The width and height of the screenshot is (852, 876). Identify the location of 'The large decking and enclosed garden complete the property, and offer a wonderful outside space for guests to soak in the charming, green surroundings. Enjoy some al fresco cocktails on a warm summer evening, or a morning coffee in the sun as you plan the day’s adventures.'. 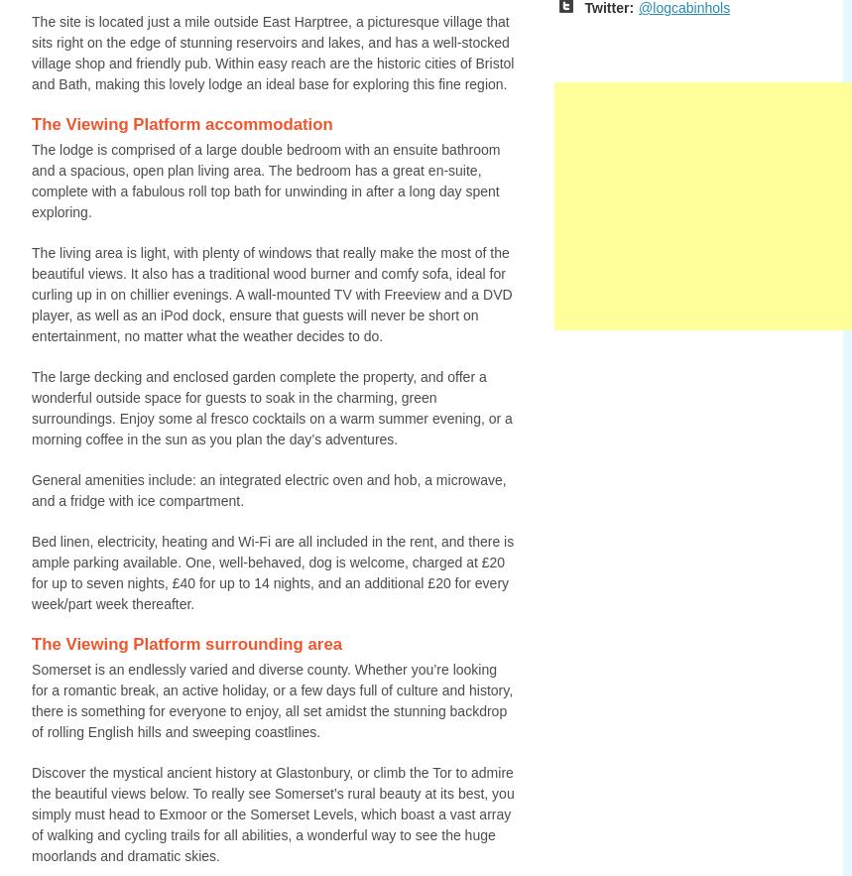
(271, 408).